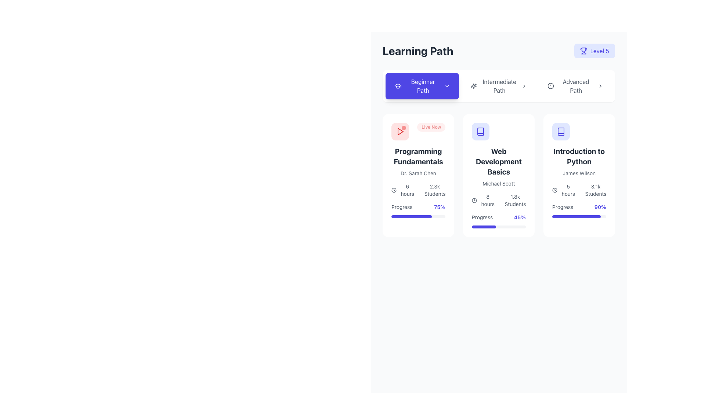  What do you see at coordinates (596, 190) in the screenshot?
I see `the static text displaying the number of students enrolled in the 'Introduction to Python' course, located at the bottom right of the card next to the user icon` at bounding box center [596, 190].